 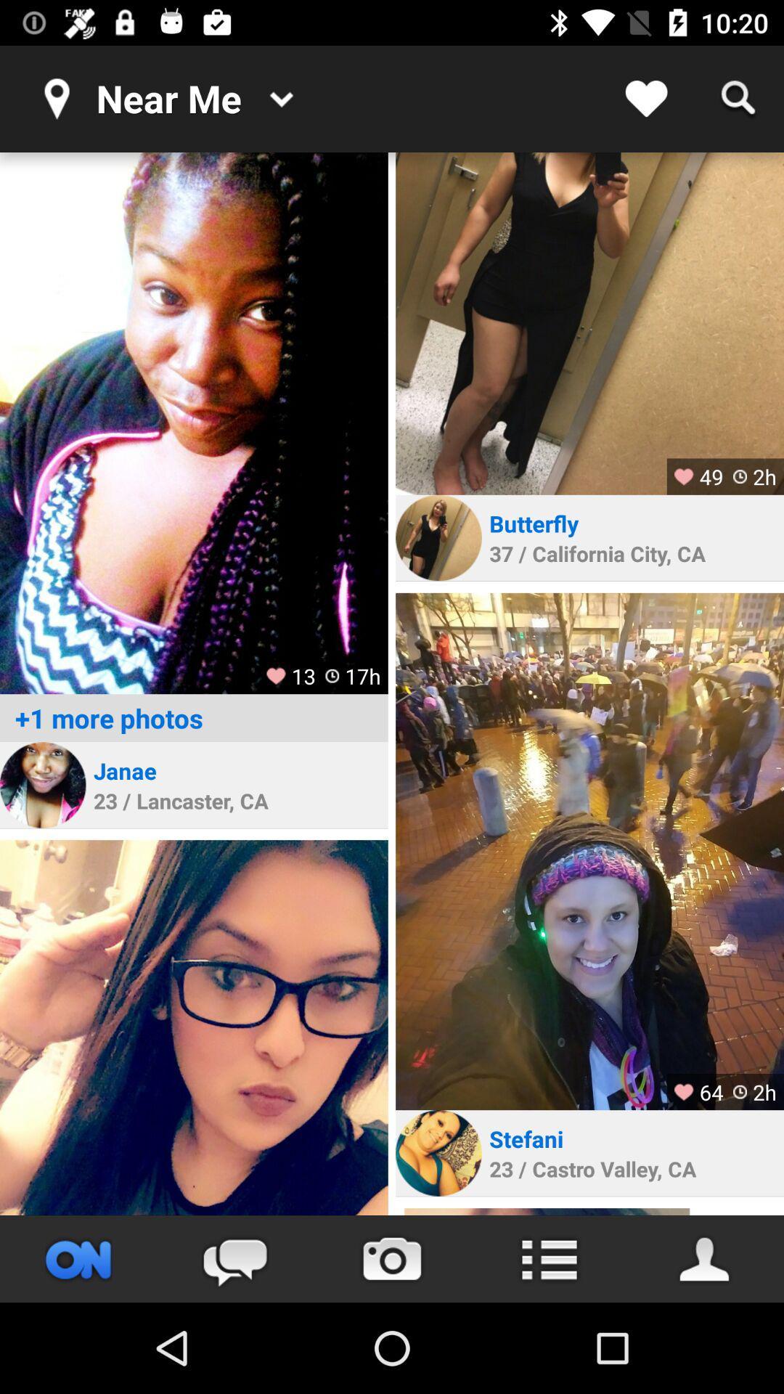 I want to click on the chat icon, so click(x=234, y=1258).